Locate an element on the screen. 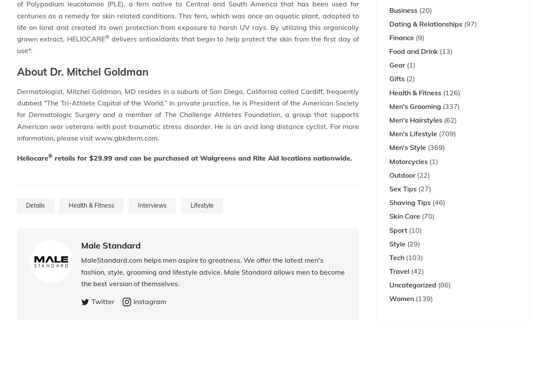 This screenshot has width=547, height=369. 'Dating & Relationships' is located at coordinates (426, 23).